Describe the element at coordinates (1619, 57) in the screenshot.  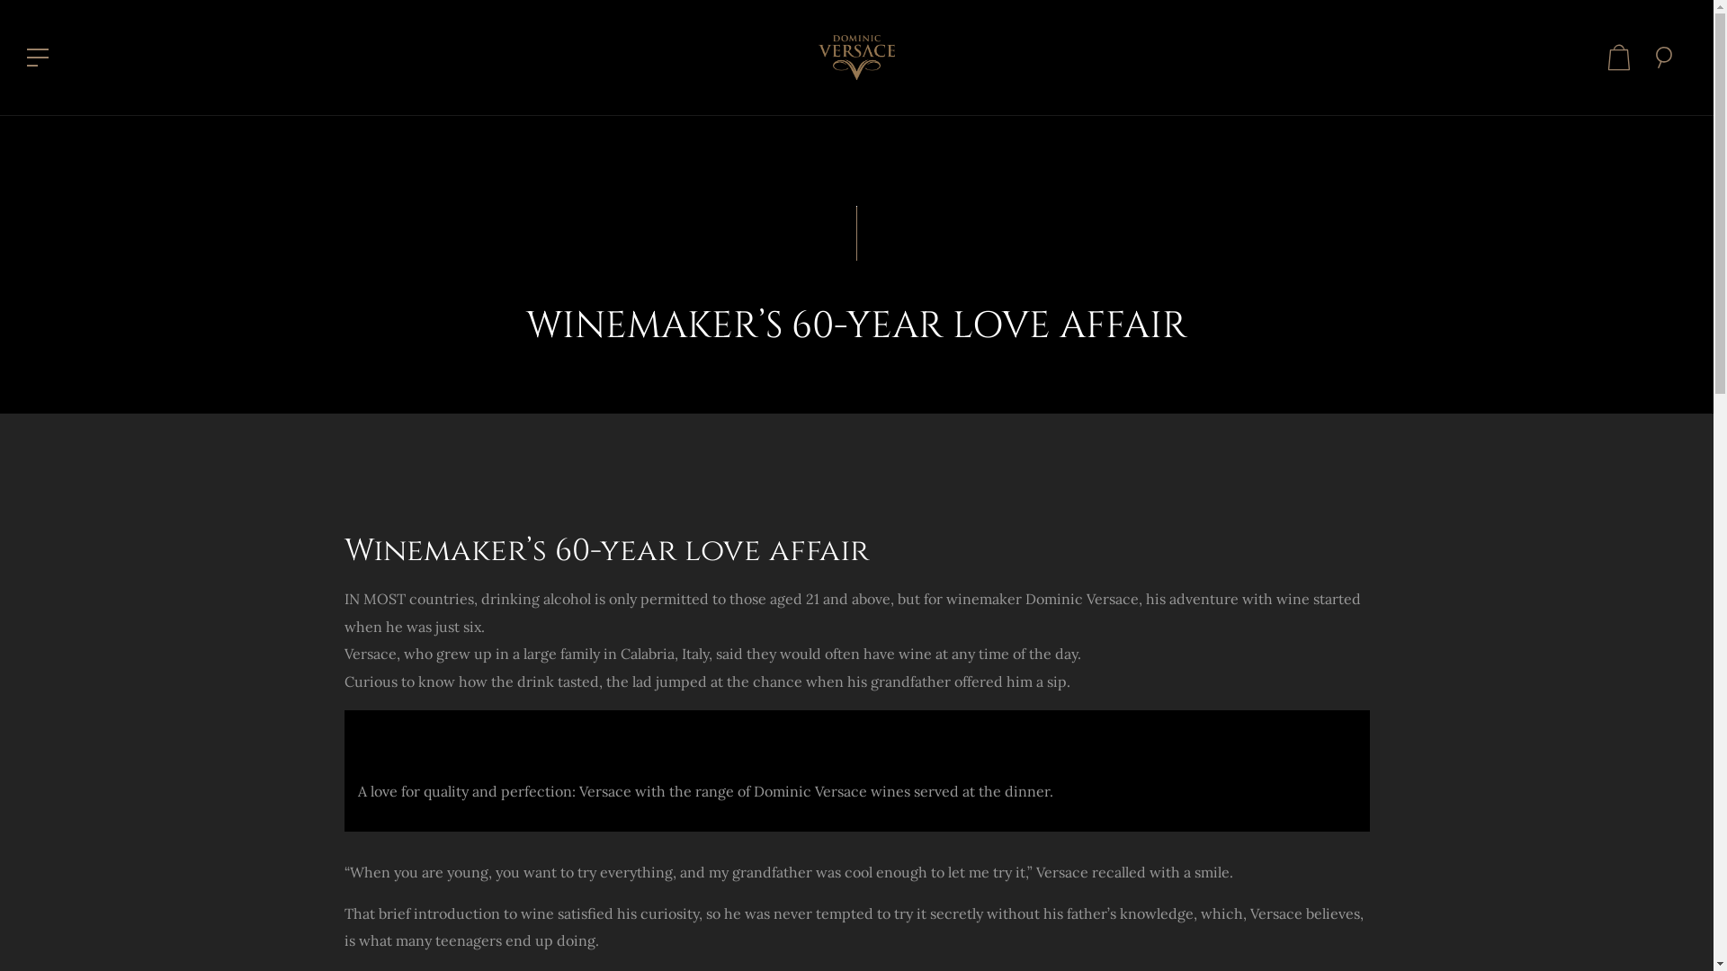
I see `'View your shopping cart'` at that location.